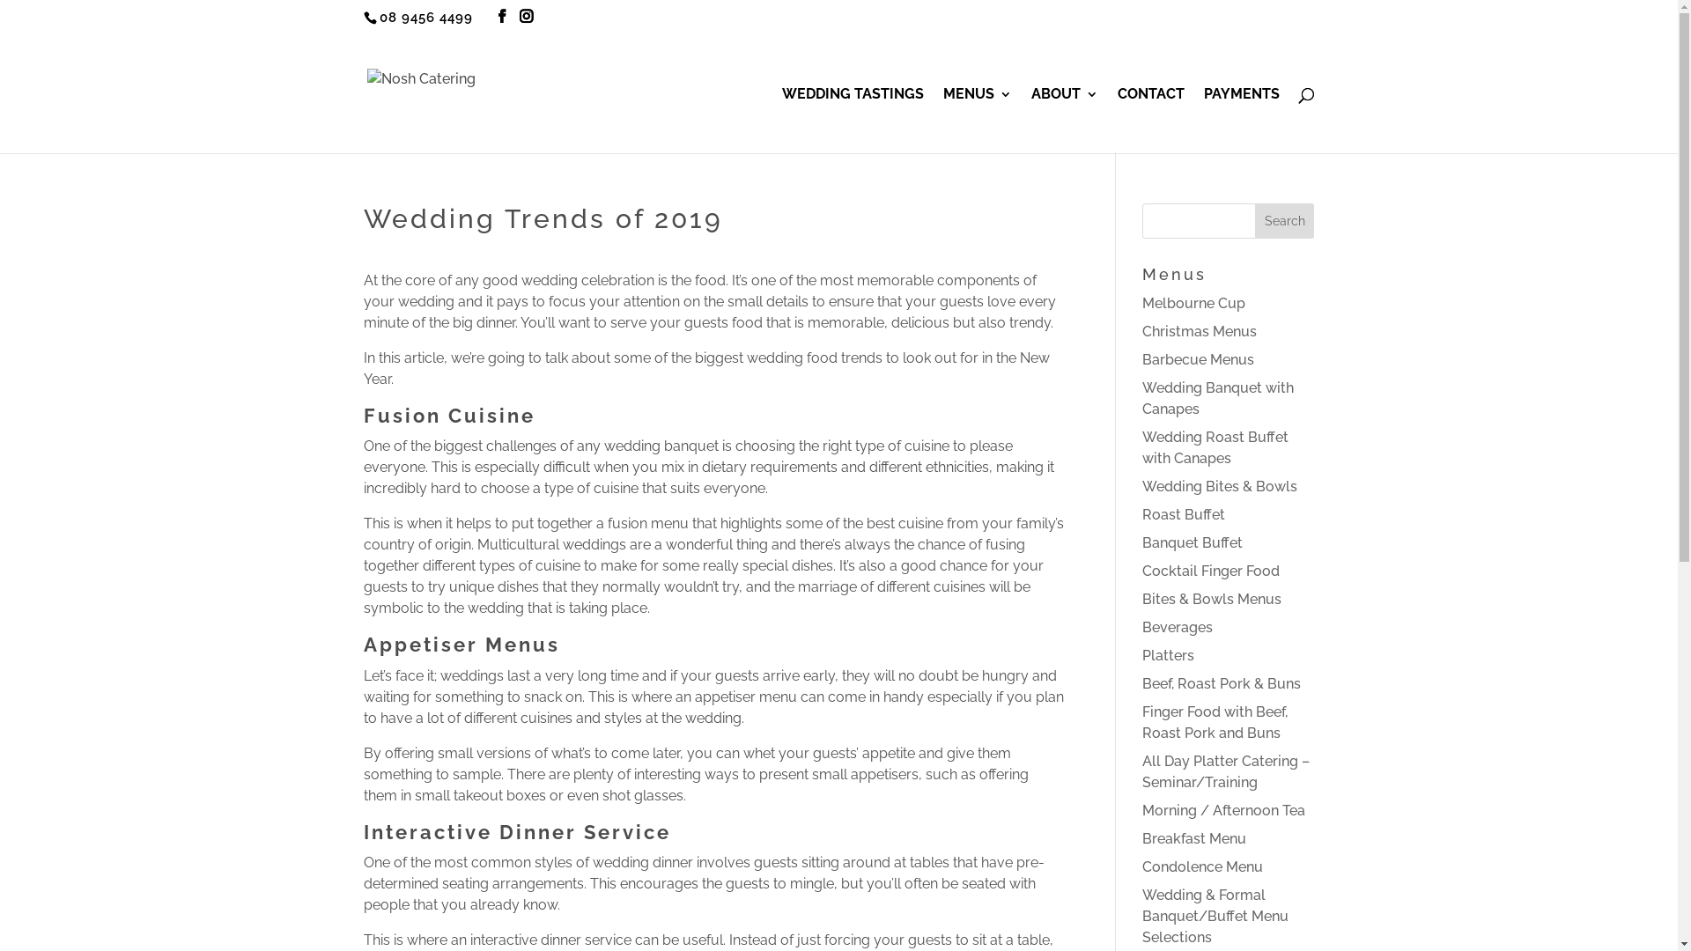 This screenshot has height=951, width=1691. What do you see at coordinates (1194, 837) in the screenshot?
I see `'Breakfast Menu'` at bounding box center [1194, 837].